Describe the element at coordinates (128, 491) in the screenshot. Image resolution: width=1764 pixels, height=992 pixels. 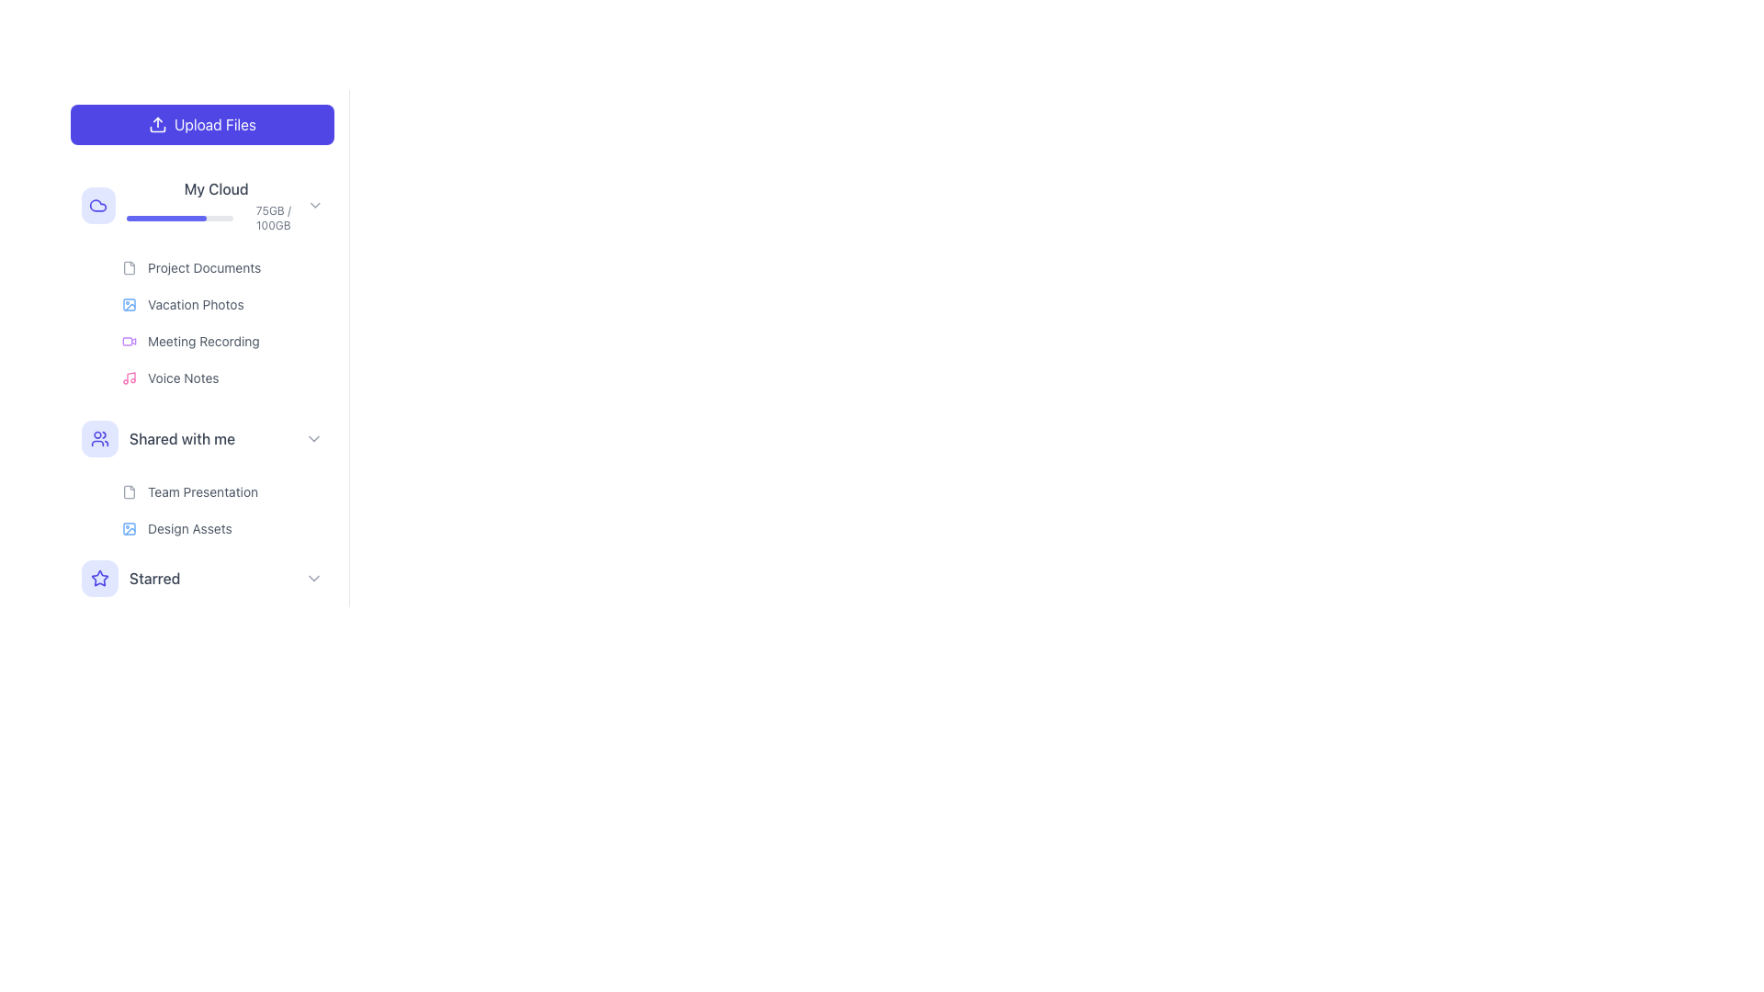
I see `the file-shaped icon in the 'Shared with me' section, next to the 'Team Presentation' label, which appears in muted colors suggesting a disabled state` at that location.